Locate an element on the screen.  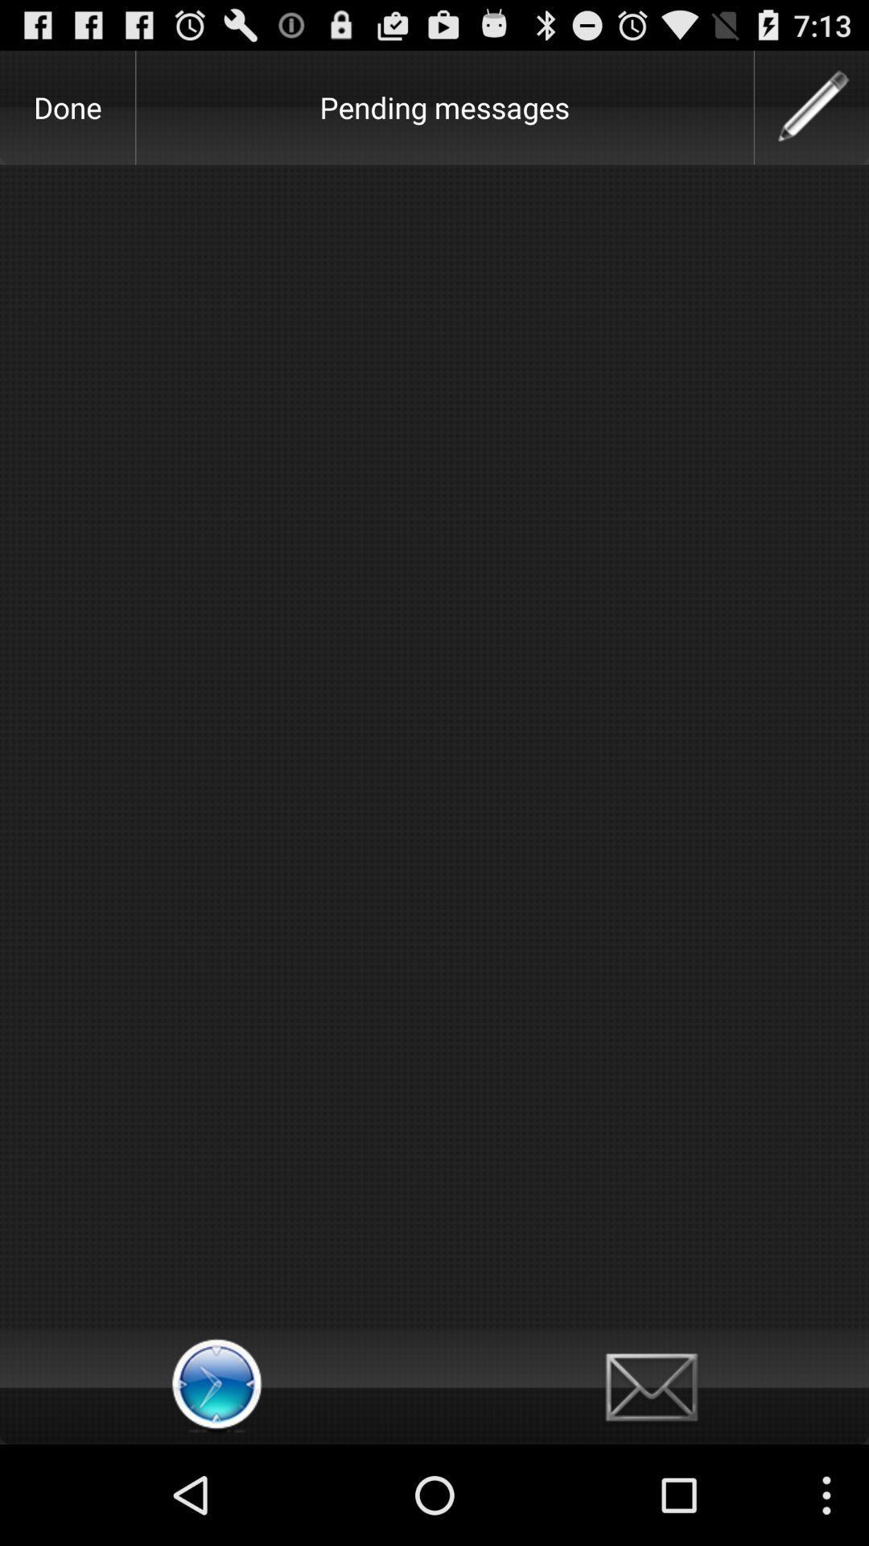
the edit icon is located at coordinates (812, 114).